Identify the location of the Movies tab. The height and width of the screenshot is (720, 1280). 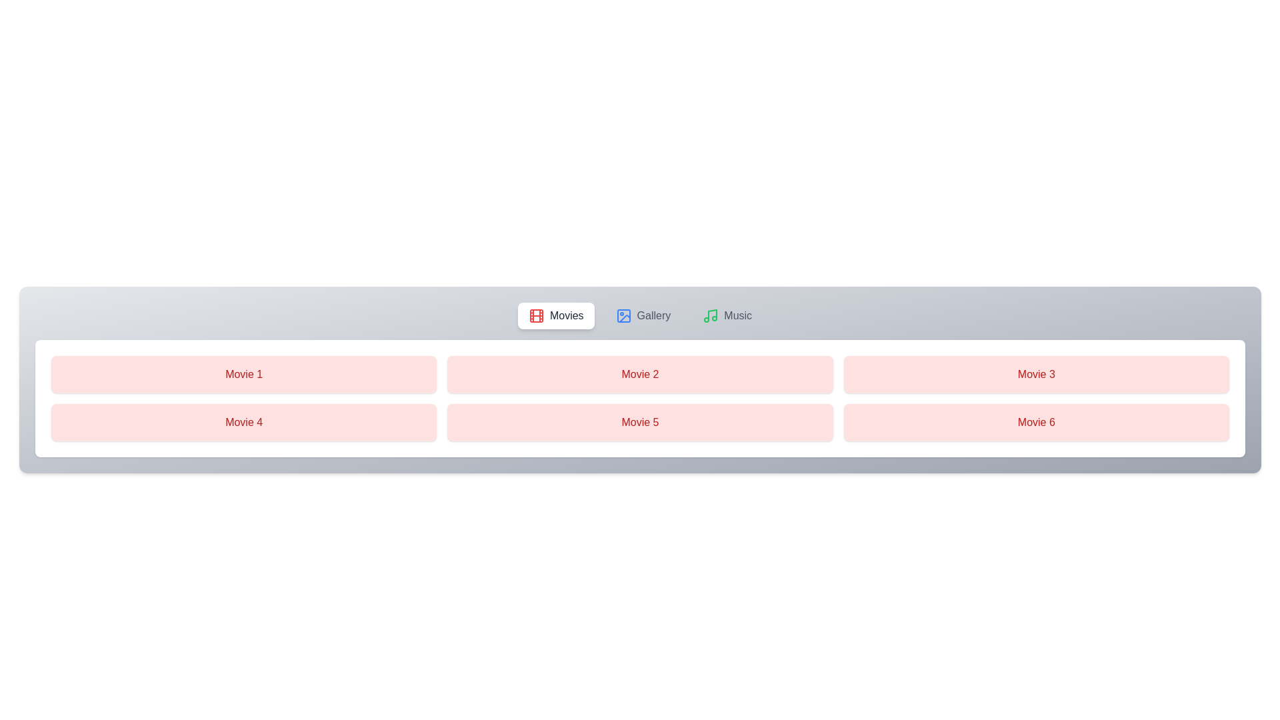
(556, 316).